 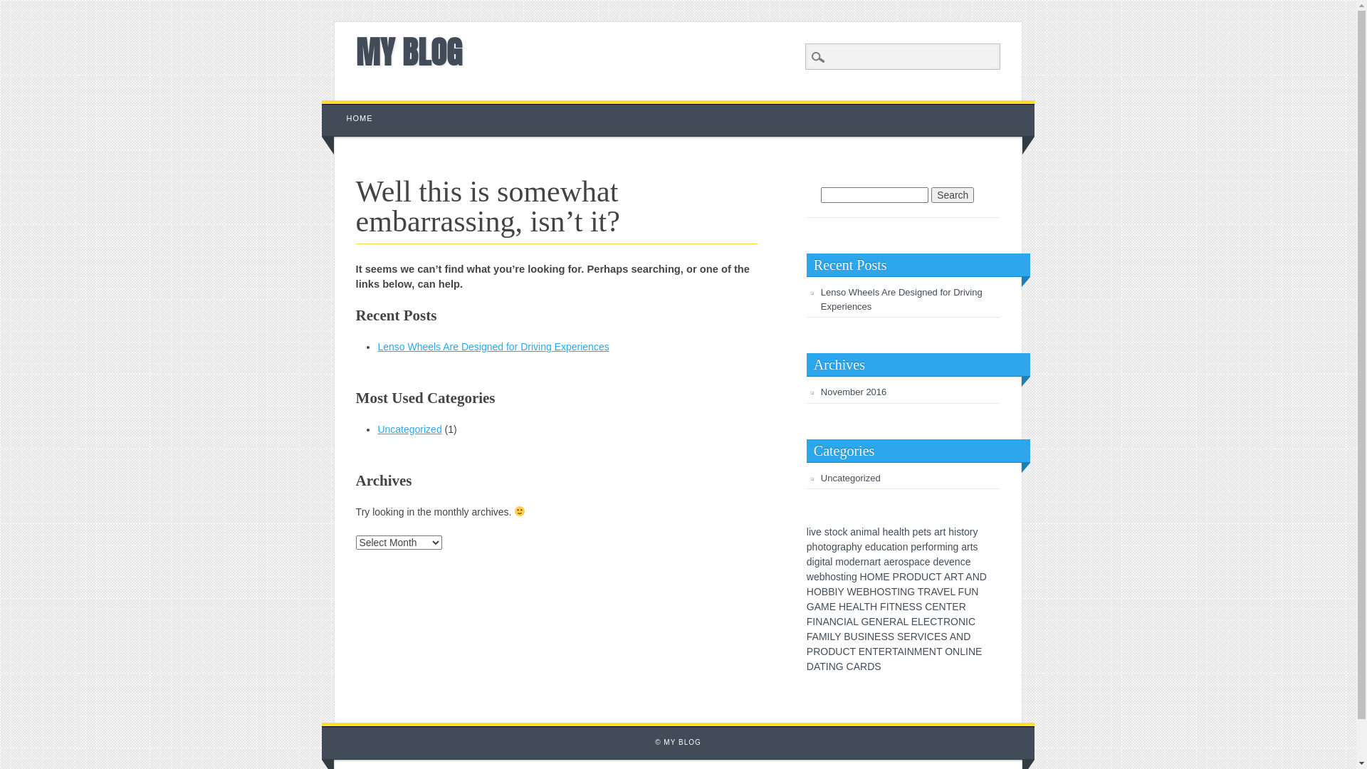 I want to click on 'm', so click(x=867, y=532).